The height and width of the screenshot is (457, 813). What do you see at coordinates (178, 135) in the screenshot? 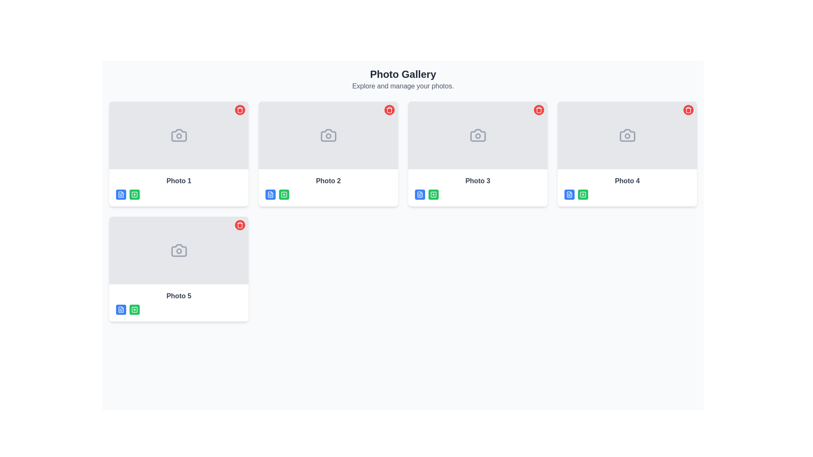
I see `the photo frame icon labeled 'Photo 1'` at bounding box center [178, 135].